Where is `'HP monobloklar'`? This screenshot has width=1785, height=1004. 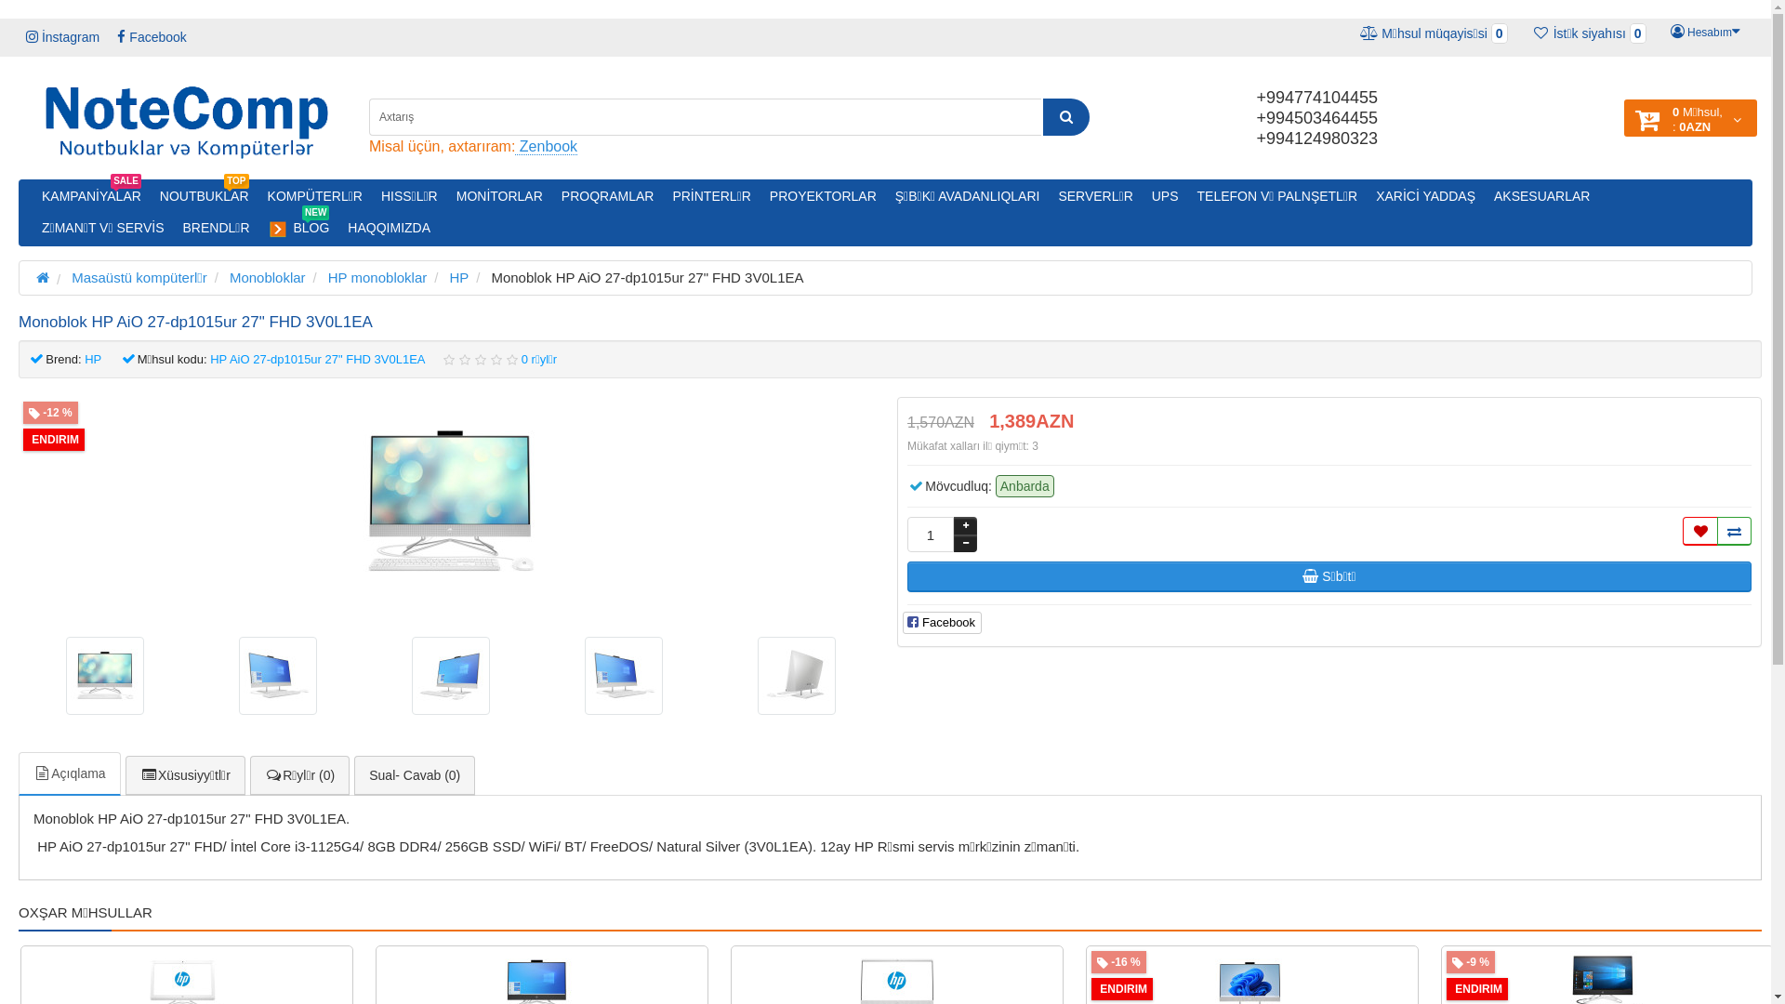
'HP monobloklar' is located at coordinates (328, 277).